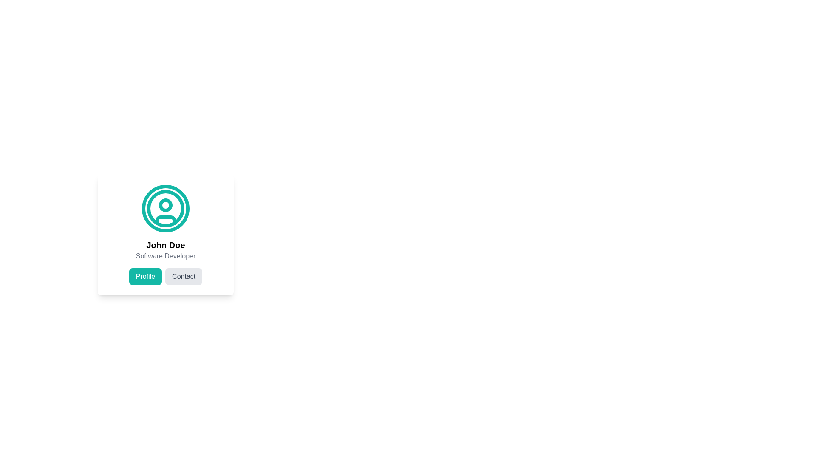 The height and width of the screenshot is (459, 816). I want to click on the leftmost button located under the user's profile picture and name, so click(145, 277).